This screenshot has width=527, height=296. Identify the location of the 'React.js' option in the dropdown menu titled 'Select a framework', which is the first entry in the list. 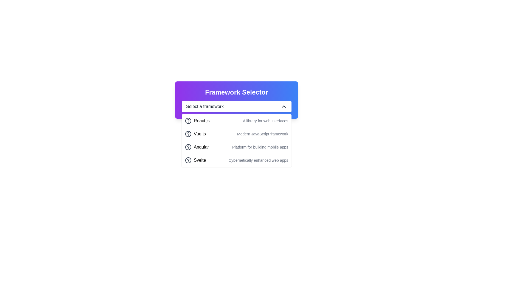
(197, 120).